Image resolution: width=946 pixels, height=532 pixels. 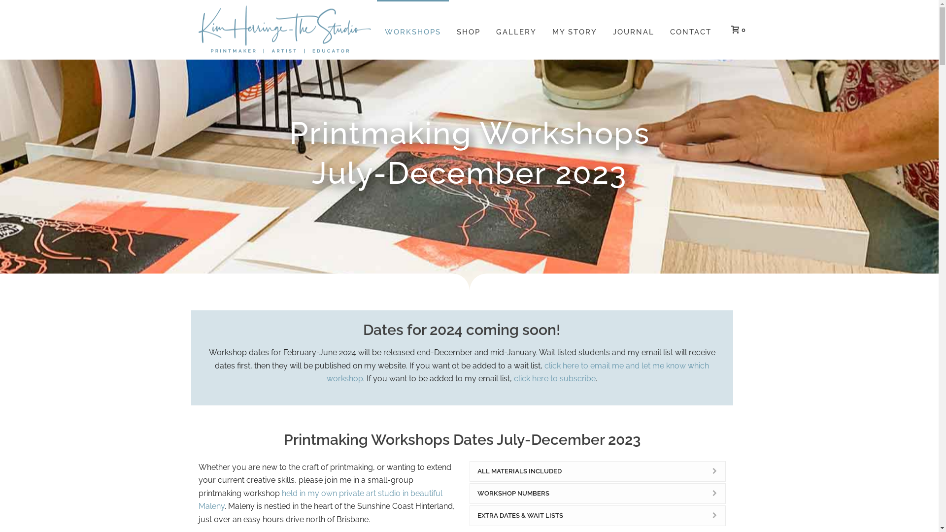 I want to click on 'click here to subscribe', so click(x=555, y=378).